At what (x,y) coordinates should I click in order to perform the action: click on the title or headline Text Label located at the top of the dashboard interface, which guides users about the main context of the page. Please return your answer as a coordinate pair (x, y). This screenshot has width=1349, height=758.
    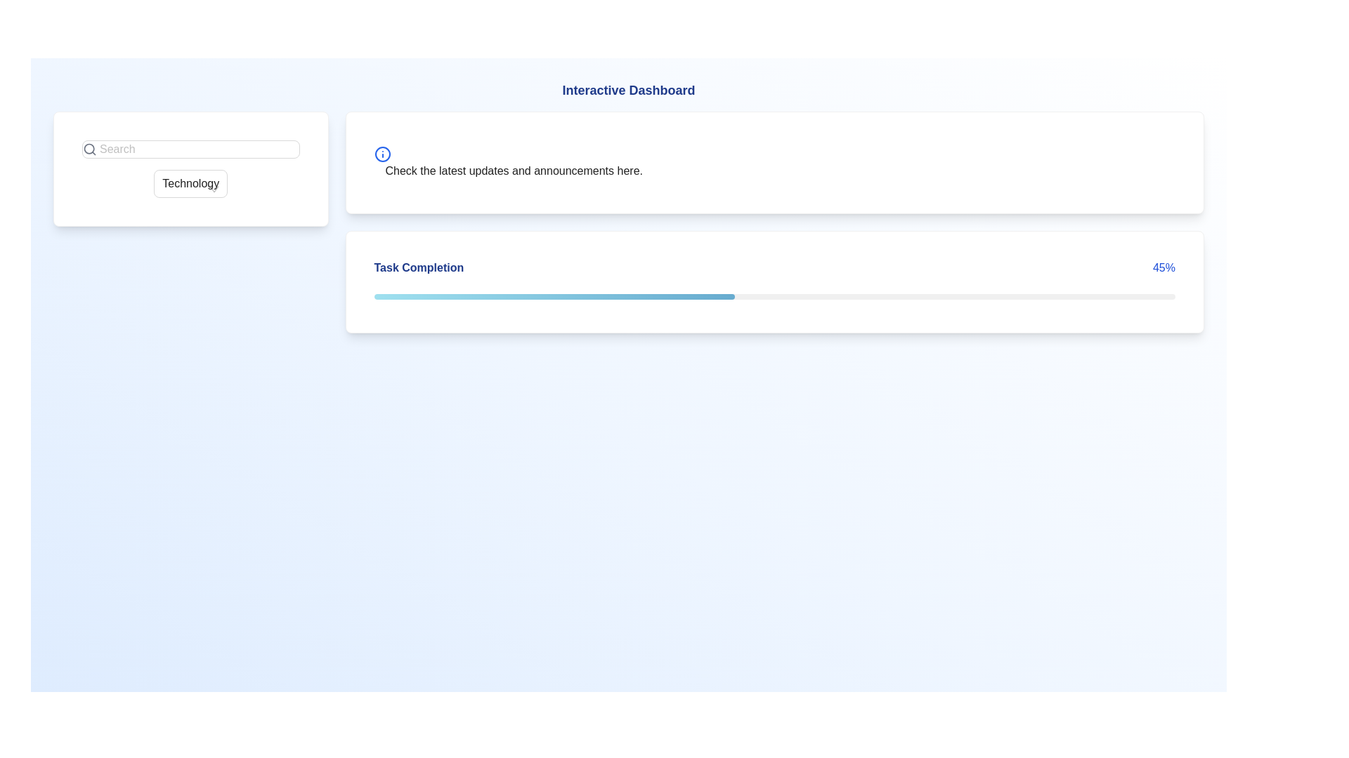
    Looking at the image, I should click on (627, 90).